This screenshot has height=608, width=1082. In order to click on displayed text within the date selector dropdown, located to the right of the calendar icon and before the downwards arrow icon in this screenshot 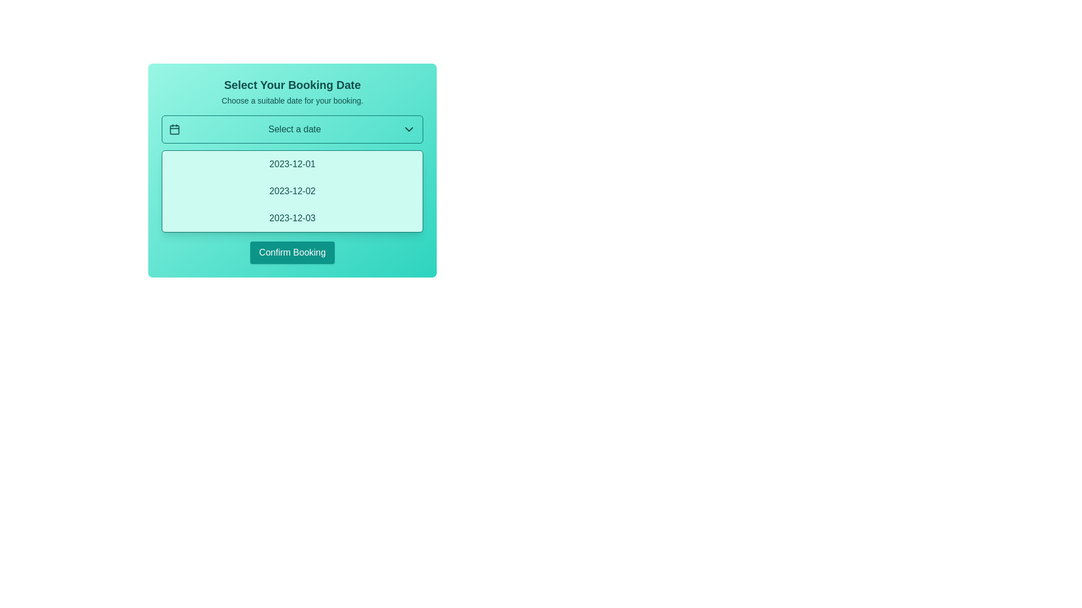, I will do `click(295, 129)`.